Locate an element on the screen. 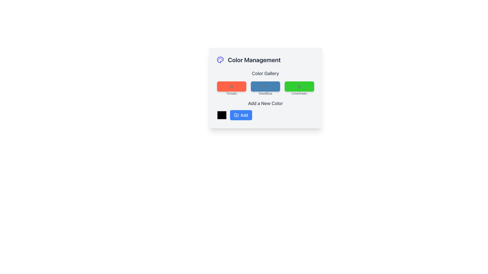 The image size is (488, 274). the rectangular Tomato button with a star icon, located in the Color Gallery section is located at coordinates (231, 86).